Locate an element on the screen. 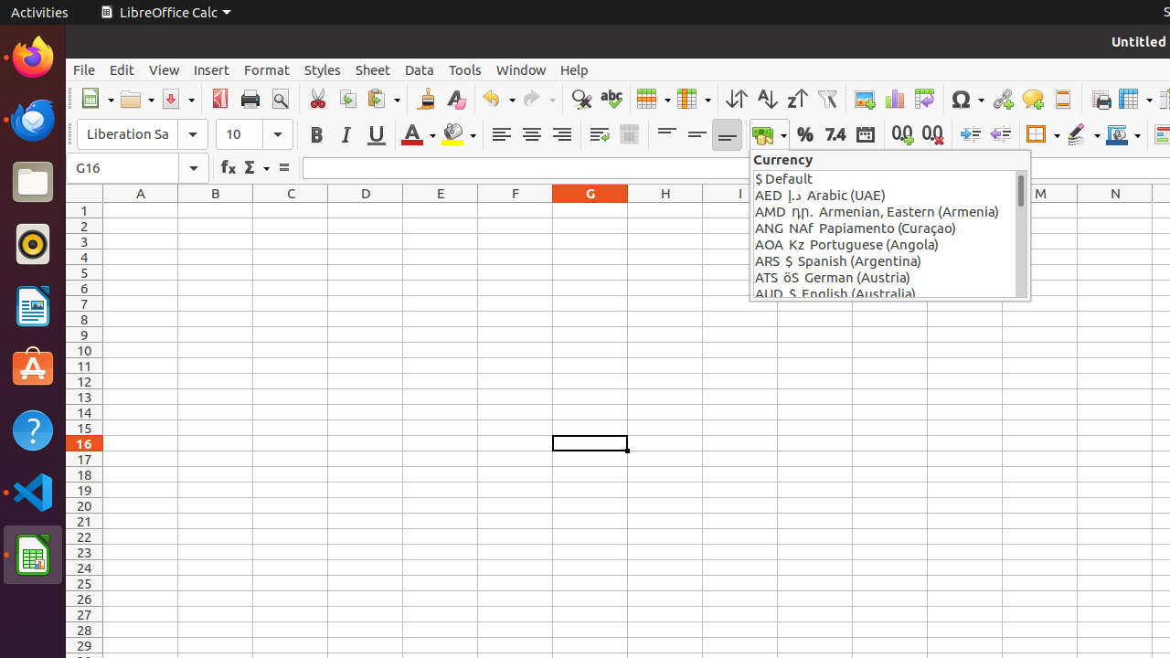  'D1' is located at coordinates (366, 209).